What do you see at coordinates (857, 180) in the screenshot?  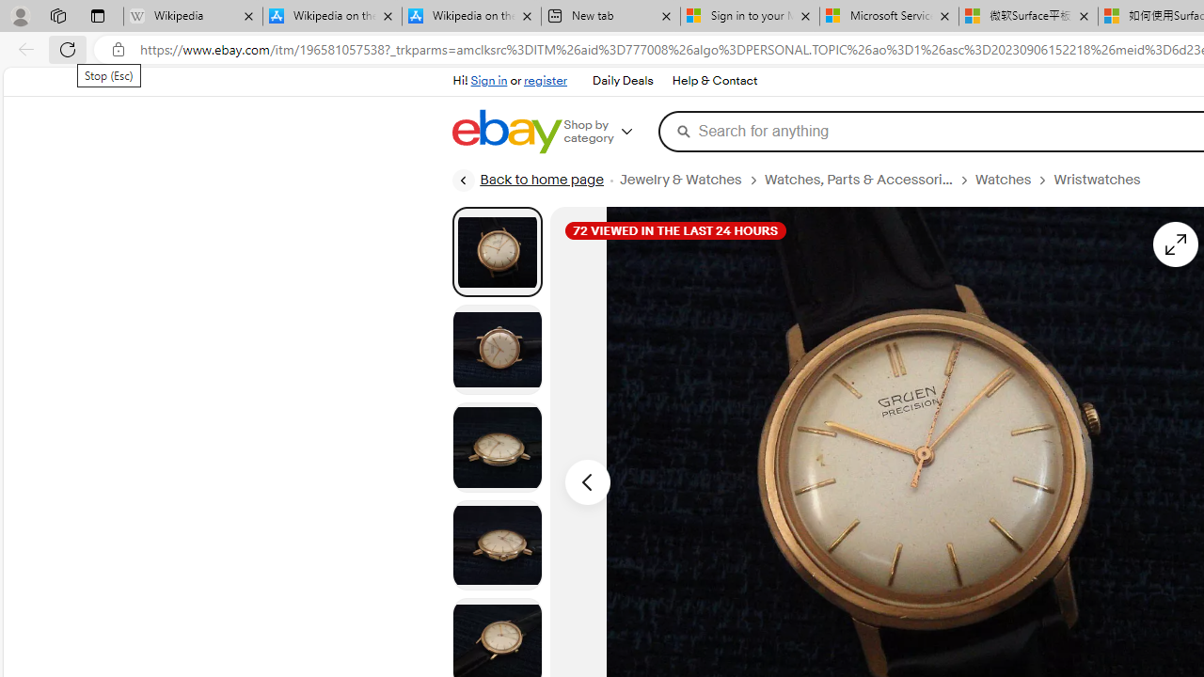 I see `'Watches, Parts & Accessories'` at bounding box center [857, 180].